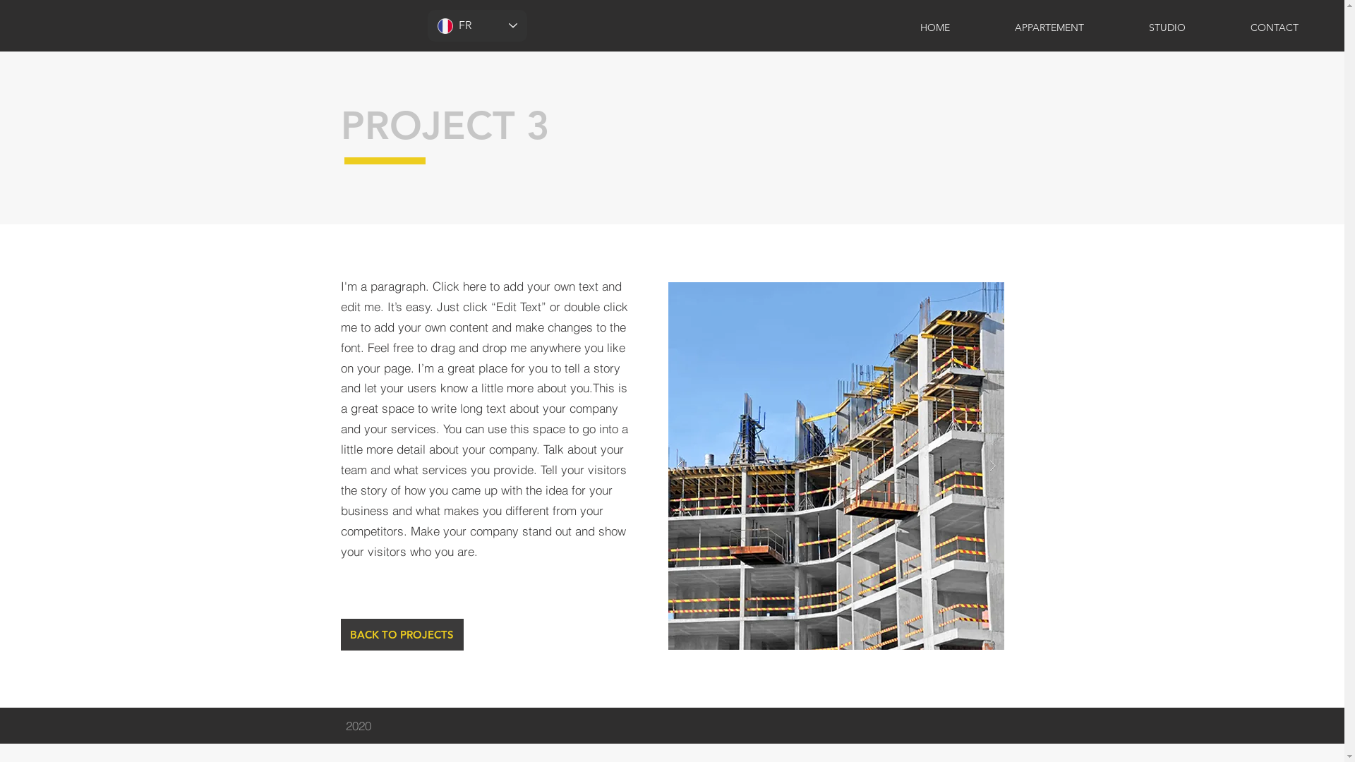 This screenshot has width=1355, height=762. I want to click on 'APPARTEMENT', so click(982, 28).